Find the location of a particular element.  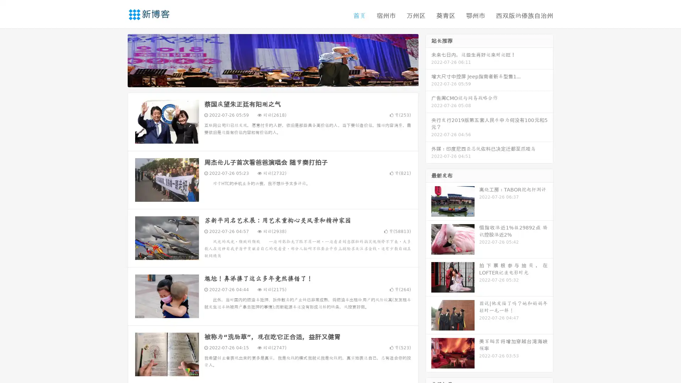

Go to slide 1 is located at coordinates (265, 80).